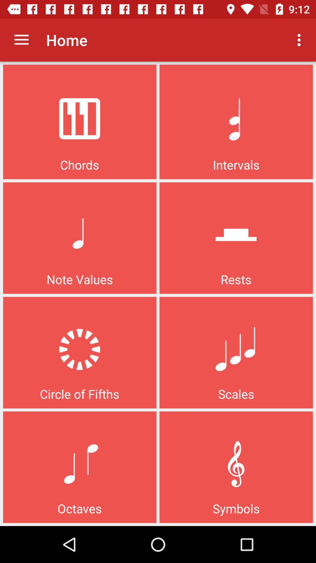 This screenshot has width=316, height=563. Describe the element at coordinates (21, 40) in the screenshot. I see `the app to the left of home app` at that location.